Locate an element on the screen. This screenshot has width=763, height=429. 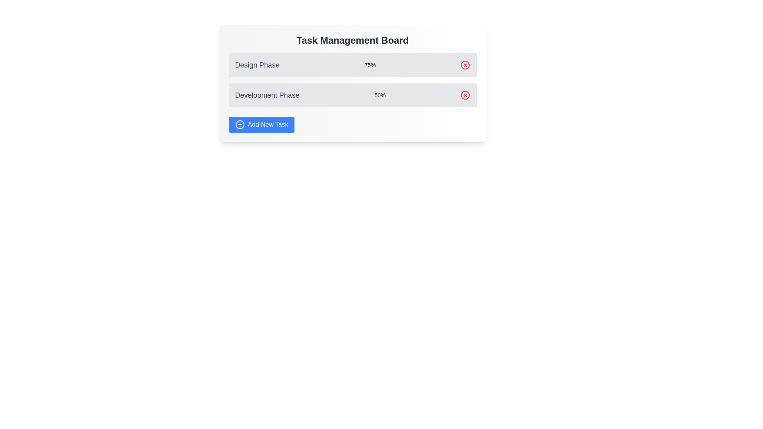
the Text Element that serves as a title or header for the surrounding content, positioned at the top of the rectangular card UI layout is located at coordinates (352, 40).